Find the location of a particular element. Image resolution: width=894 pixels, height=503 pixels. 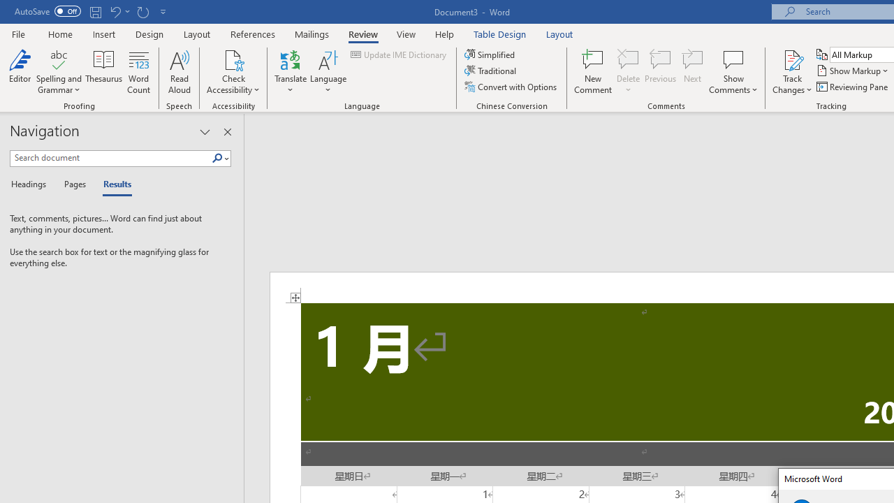

'Track Changes' is located at coordinates (792, 72).